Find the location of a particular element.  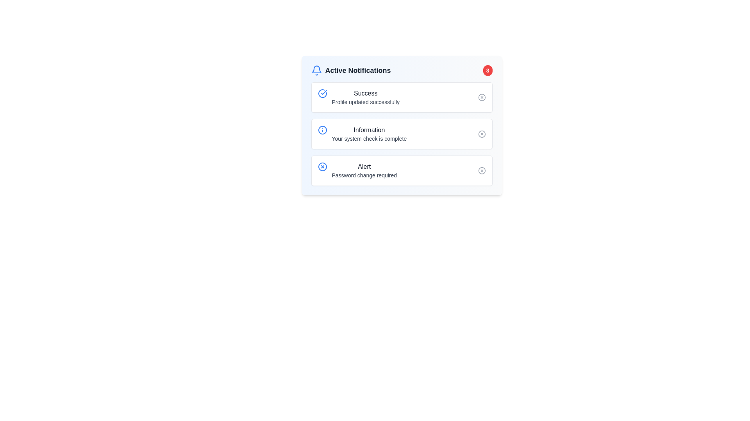

the Circular SVG Shape representing informational notices, which is part of the icon with a blue border and white background located in the second notification area labeled 'Information' is located at coordinates (322, 130).